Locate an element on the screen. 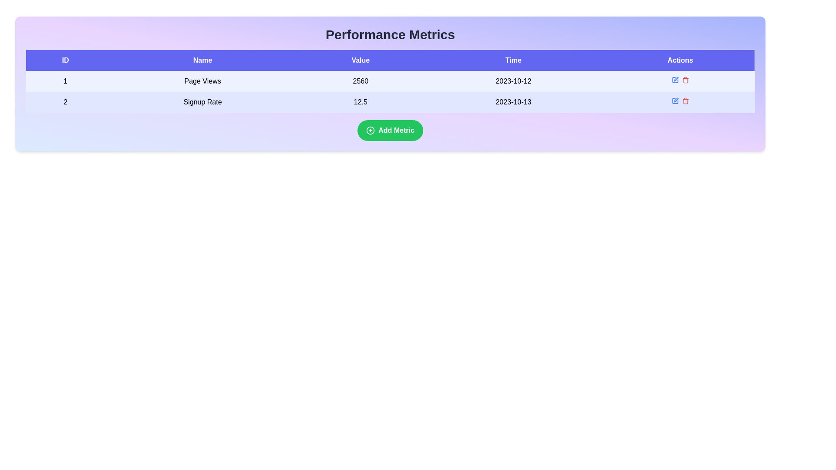 This screenshot has width=836, height=470. the Text display element that shows the date '2023-10-12' in the 'Time' column of the data table, aligned with metrics for 'Page Views' is located at coordinates (513, 81).